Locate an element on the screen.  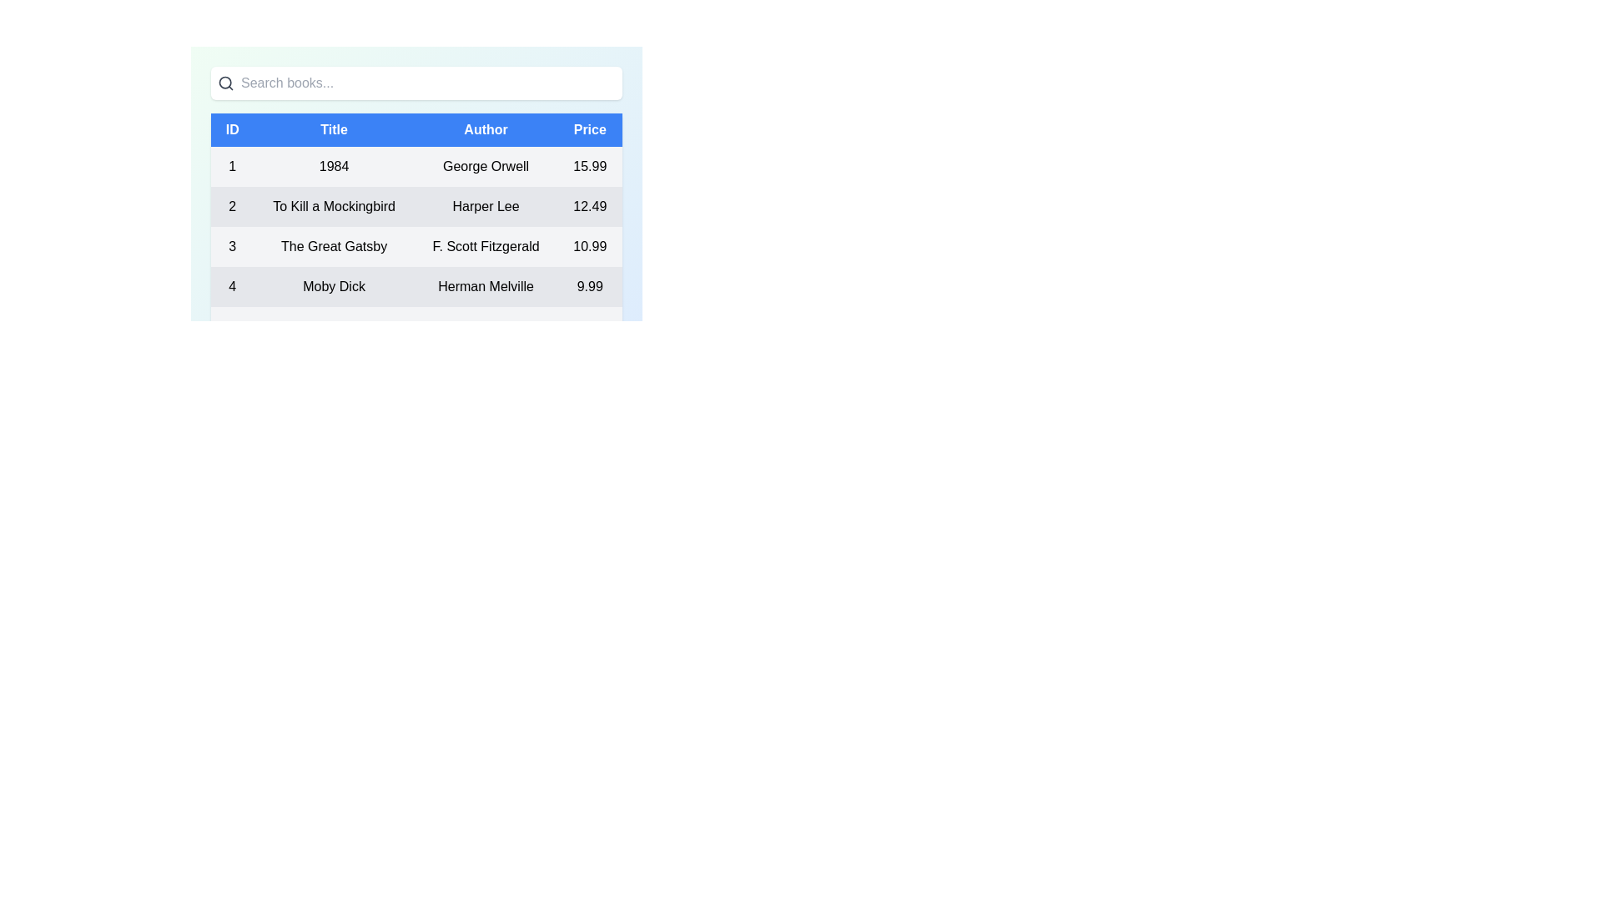
the text label displaying the price '15.99', which is the fourth cell in the first data row of the table under the 'Price' column is located at coordinates (590, 167).